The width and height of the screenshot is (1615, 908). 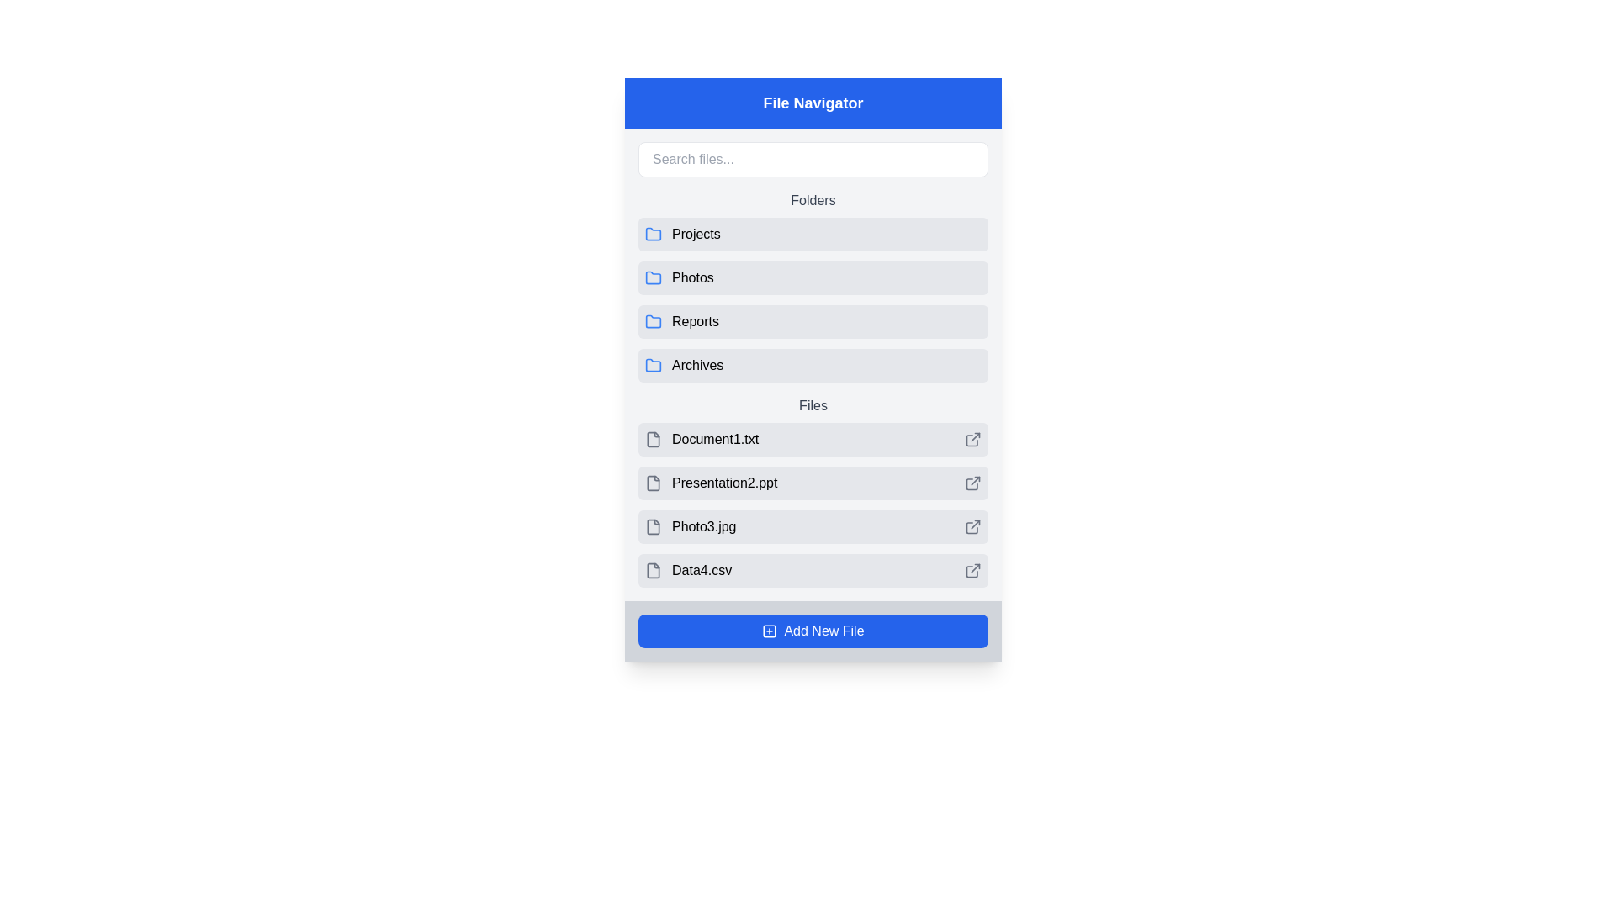 I want to click on the external link icon located to the far right of the file row labeled 'Presentation2.ppt', so click(x=972, y=483).